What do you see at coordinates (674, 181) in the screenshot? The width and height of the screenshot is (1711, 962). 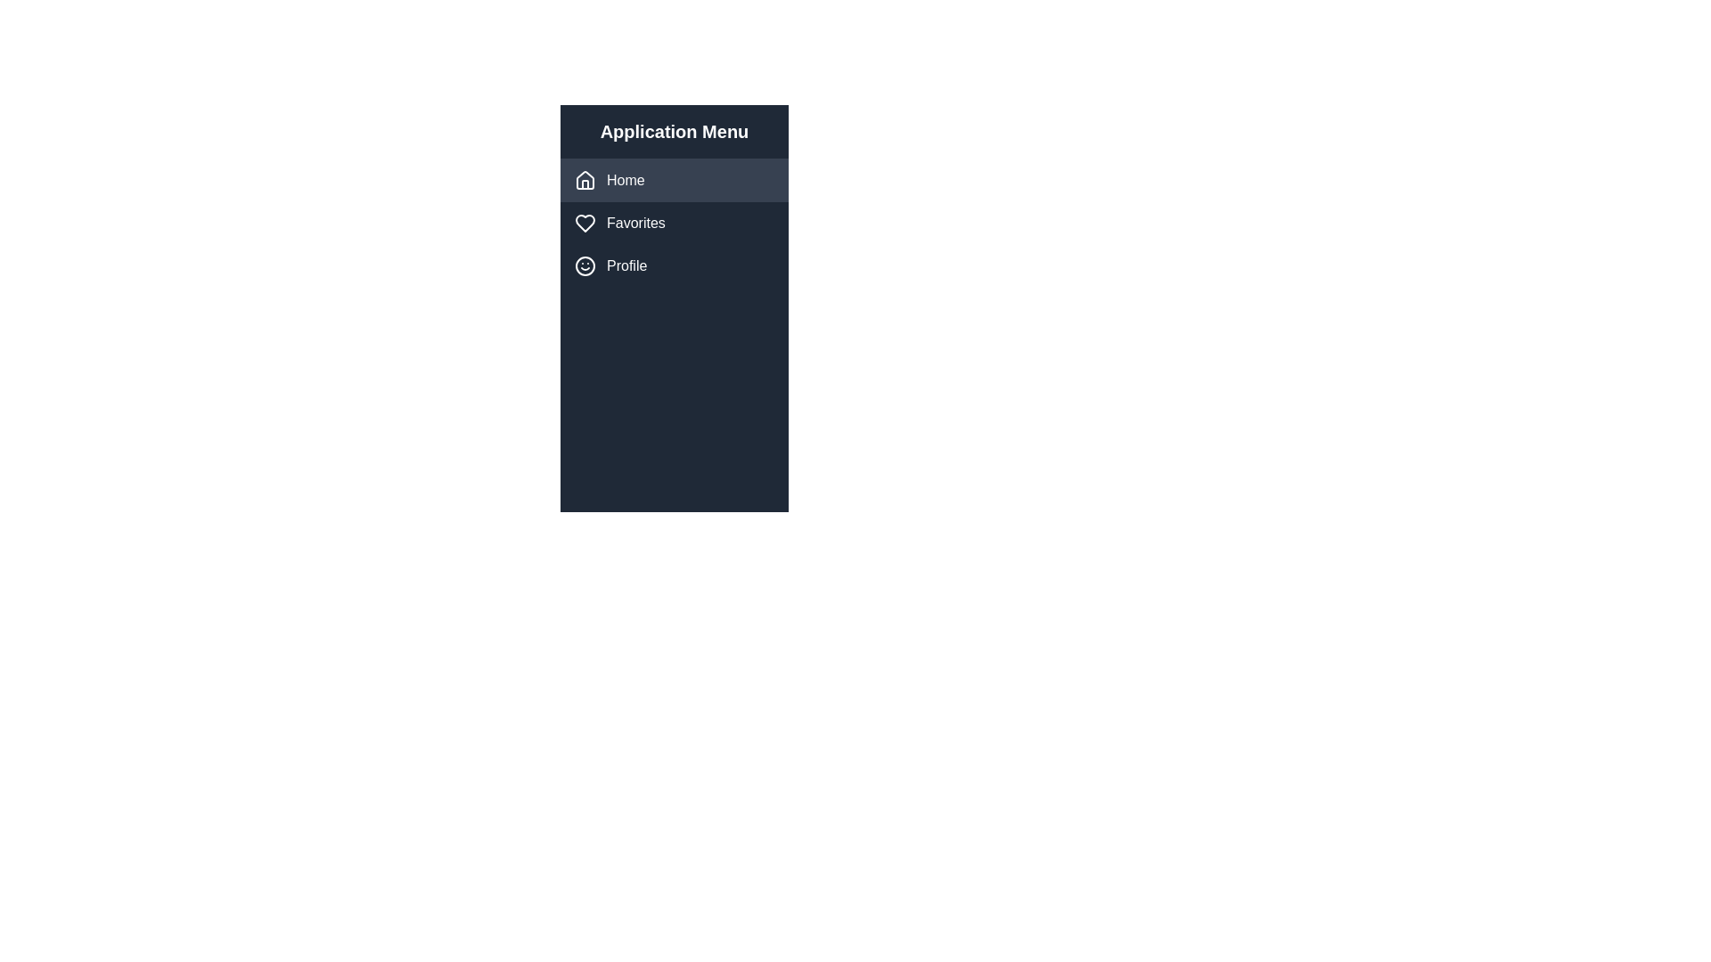 I see `the 'Home' button in the vertical navigation menu` at bounding box center [674, 181].